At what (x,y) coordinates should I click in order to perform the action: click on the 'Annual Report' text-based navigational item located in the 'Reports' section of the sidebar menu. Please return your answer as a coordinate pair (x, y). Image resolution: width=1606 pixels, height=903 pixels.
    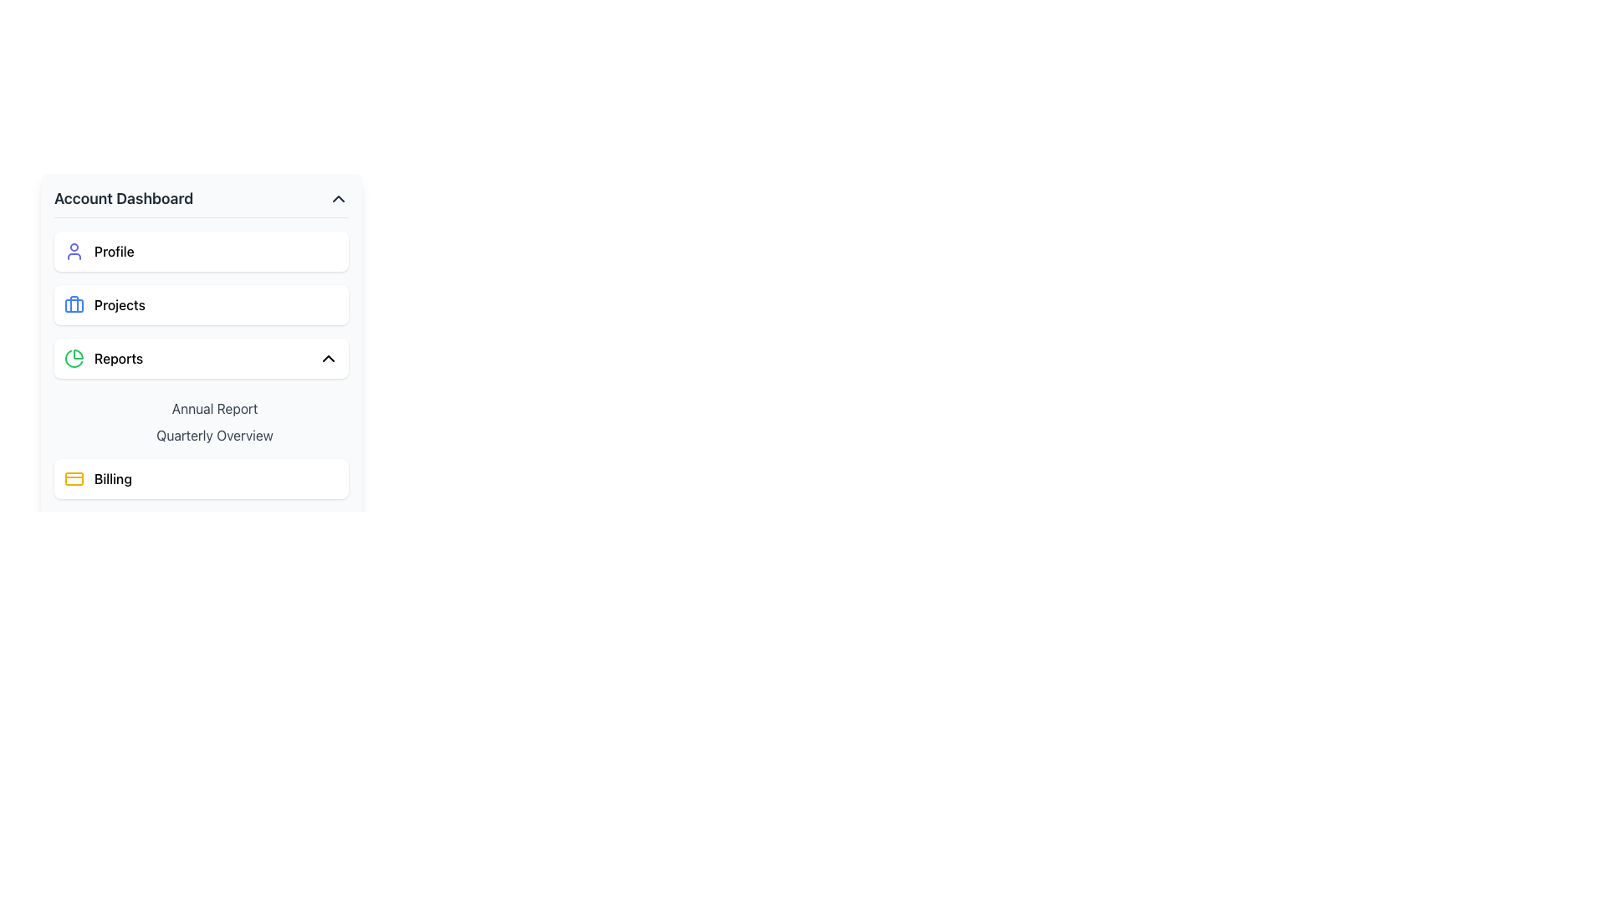
    Looking at the image, I should click on (201, 418).